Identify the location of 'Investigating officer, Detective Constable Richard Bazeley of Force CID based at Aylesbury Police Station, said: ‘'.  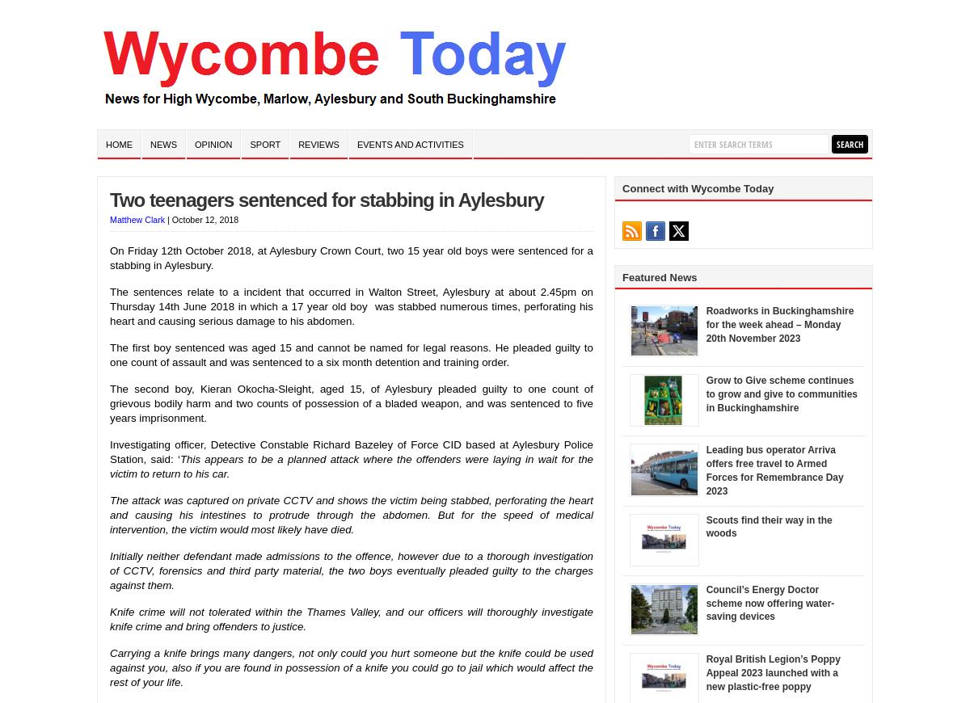
(352, 450).